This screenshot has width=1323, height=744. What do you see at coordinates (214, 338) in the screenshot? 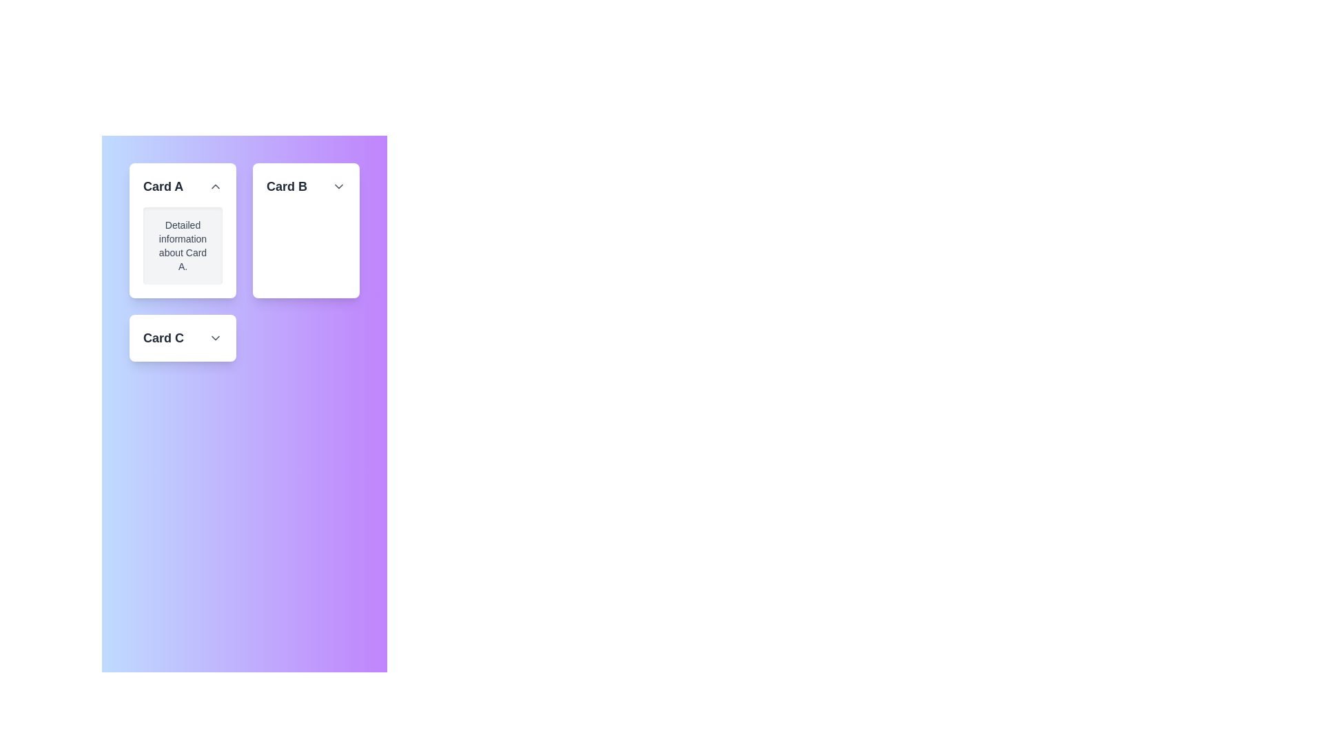
I see `the downward-facing chevron icon in 'Card C' to activate any hover effects` at bounding box center [214, 338].